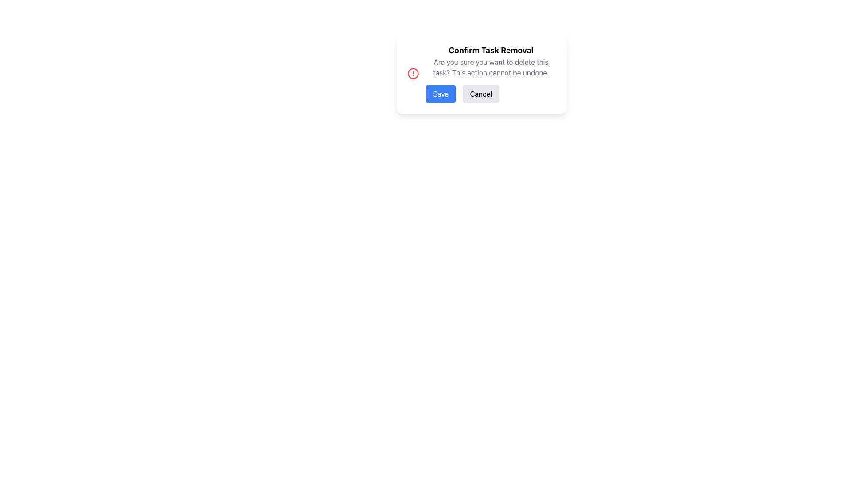  Describe the element at coordinates (490, 94) in the screenshot. I see `the 'Cancel' button, which is the gray button with black text, located in the button group below the confirmation dialog titled 'Confirm Task Removal.'` at that location.